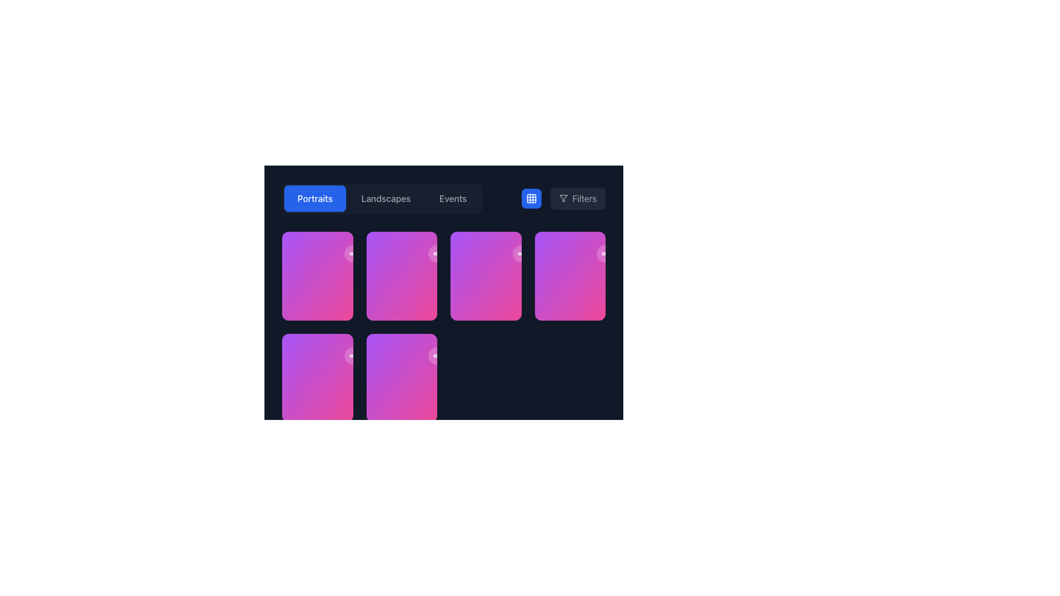 This screenshot has width=1060, height=596. Describe the element at coordinates (446, 251) in the screenshot. I see `the 'Share' icon within the Grouped UI Element containing Icon Buttons, which is located in the top-right corner of a card with a gradient pink-to-purple background` at that location.